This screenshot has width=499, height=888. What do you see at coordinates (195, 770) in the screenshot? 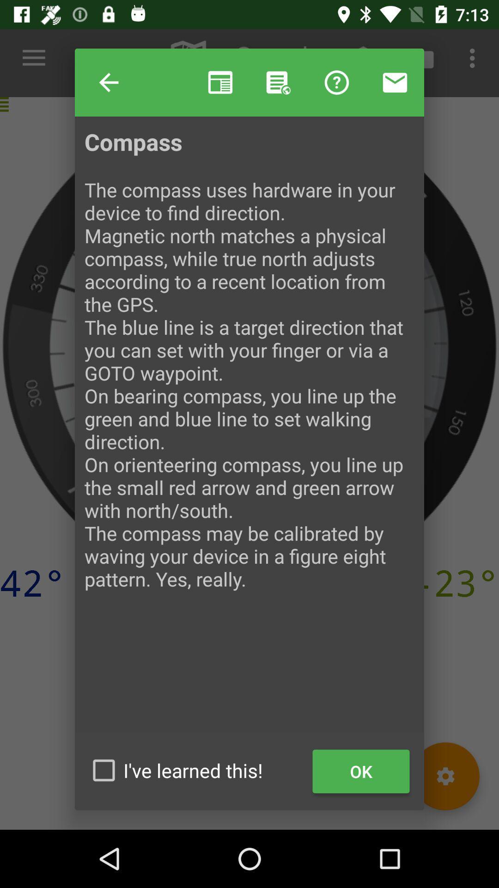
I see `the icon below the compass the compass` at bounding box center [195, 770].